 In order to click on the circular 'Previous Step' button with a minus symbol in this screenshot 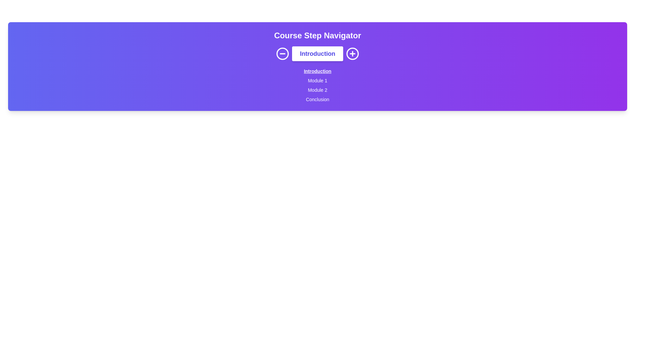, I will do `click(282, 53)`.